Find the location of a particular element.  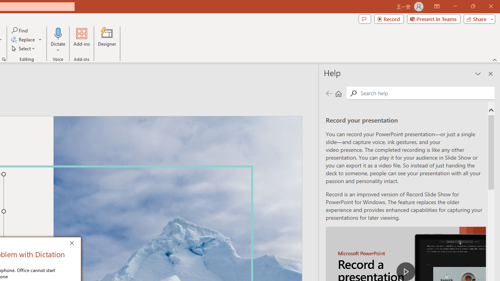

'More Options' is located at coordinates (58, 47).